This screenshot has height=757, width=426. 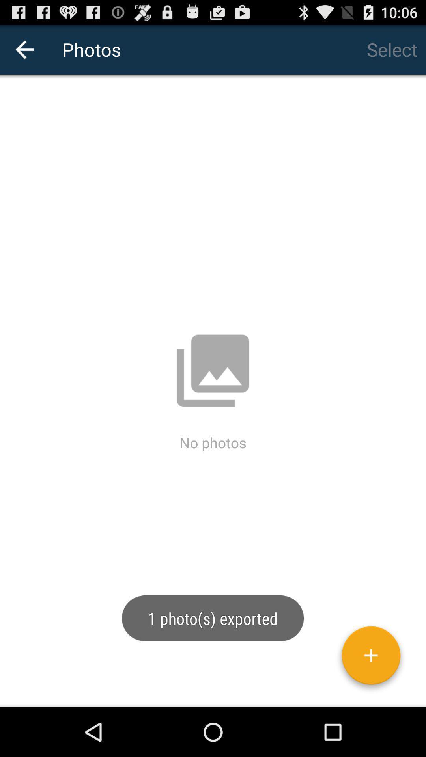 What do you see at coordinates (371, 705) in the screenshot?
I see `the add icon` at bounding box center [371, 705].